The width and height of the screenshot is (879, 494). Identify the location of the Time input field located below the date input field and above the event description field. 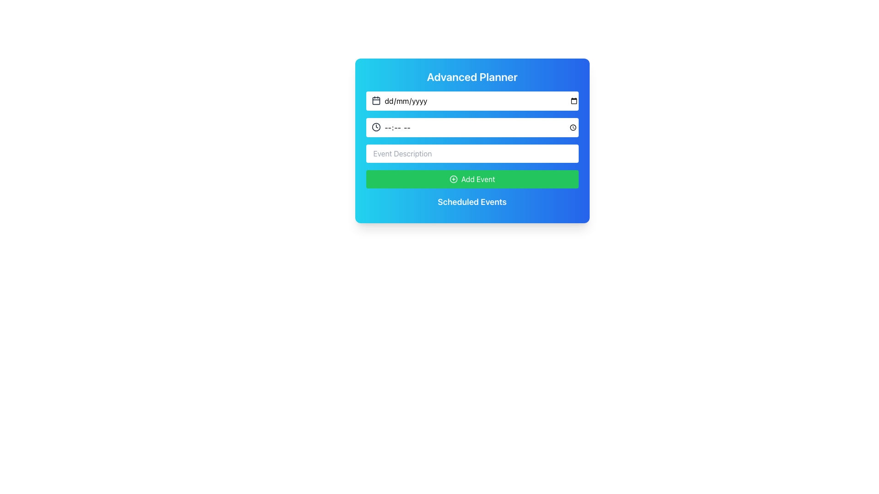
(472, 127).